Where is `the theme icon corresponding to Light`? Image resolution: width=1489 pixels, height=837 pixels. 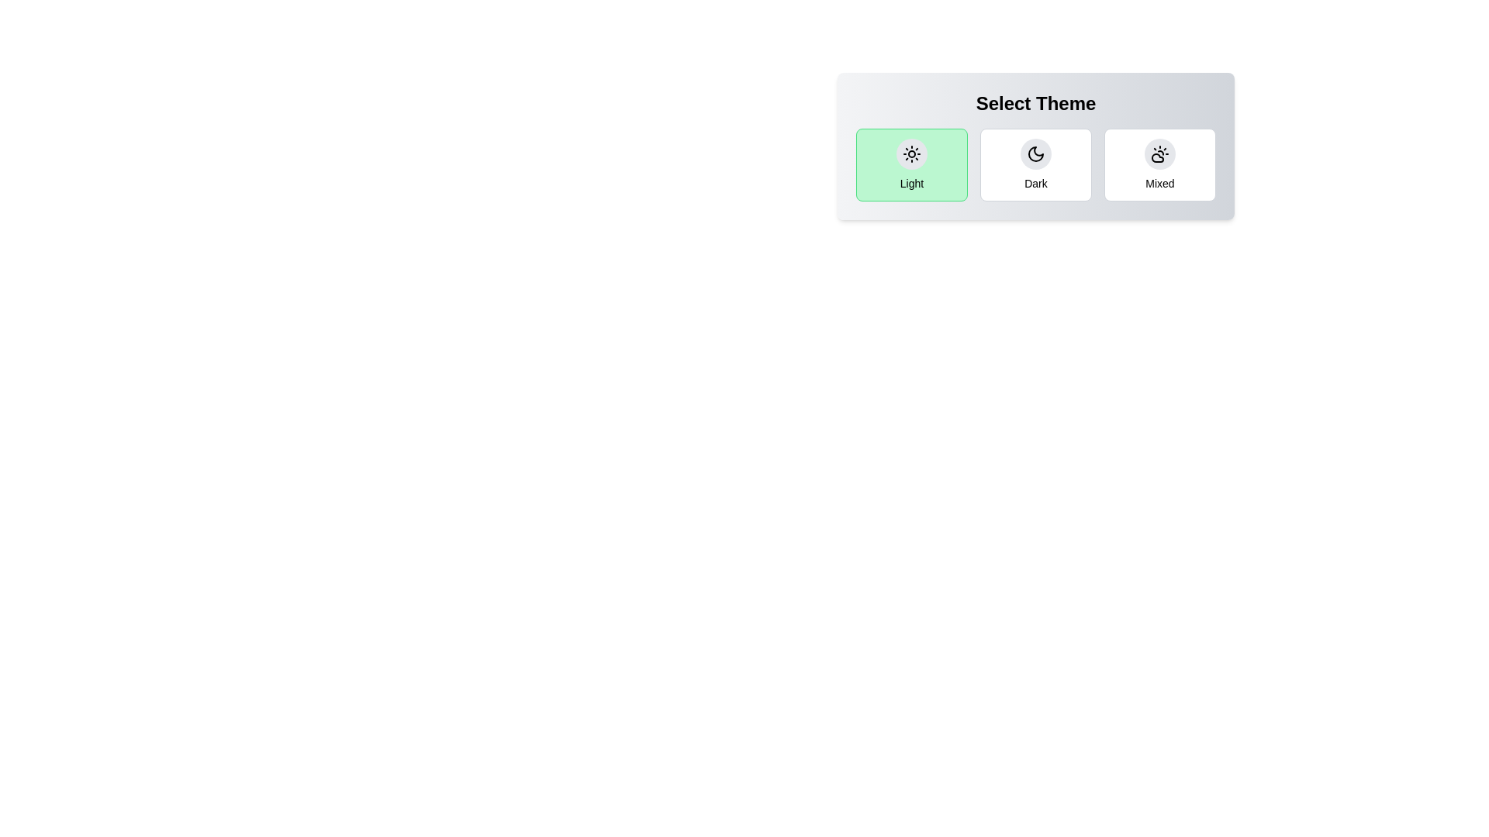 the theme icon corresponding to Light is located at coordinates (912, 154).